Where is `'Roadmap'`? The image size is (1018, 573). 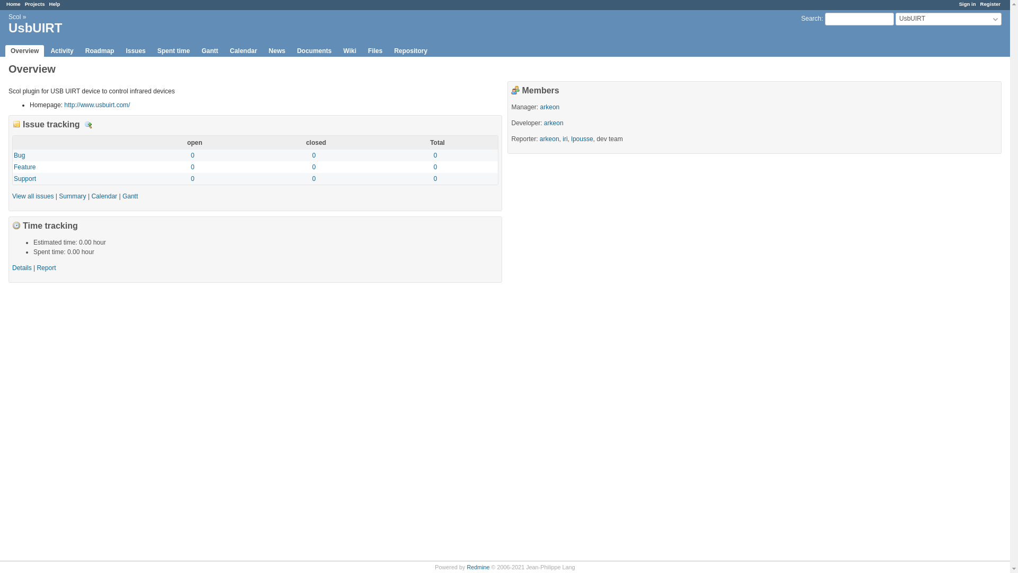
'Roadmap' is located at coordinates (100, 51).